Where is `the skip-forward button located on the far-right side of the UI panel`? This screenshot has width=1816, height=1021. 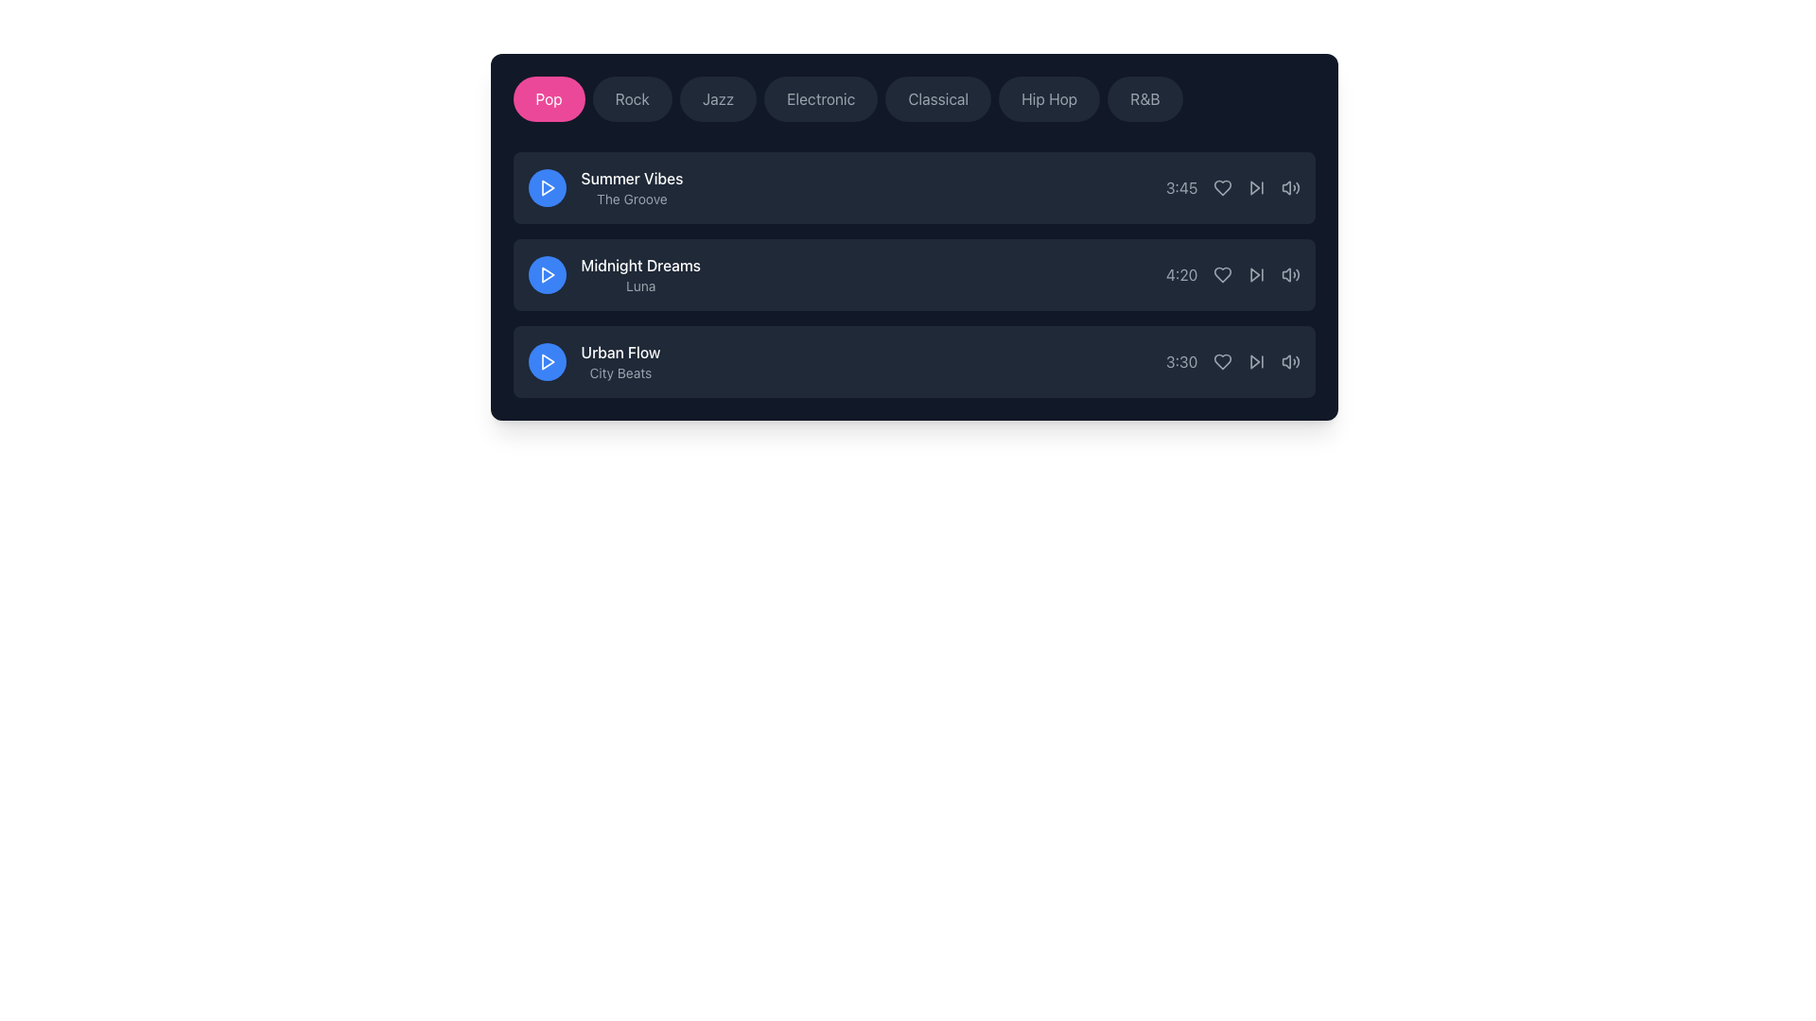
the skip-forward button located on the far-right side of the UI panel is located at coordinates (1256, 361).